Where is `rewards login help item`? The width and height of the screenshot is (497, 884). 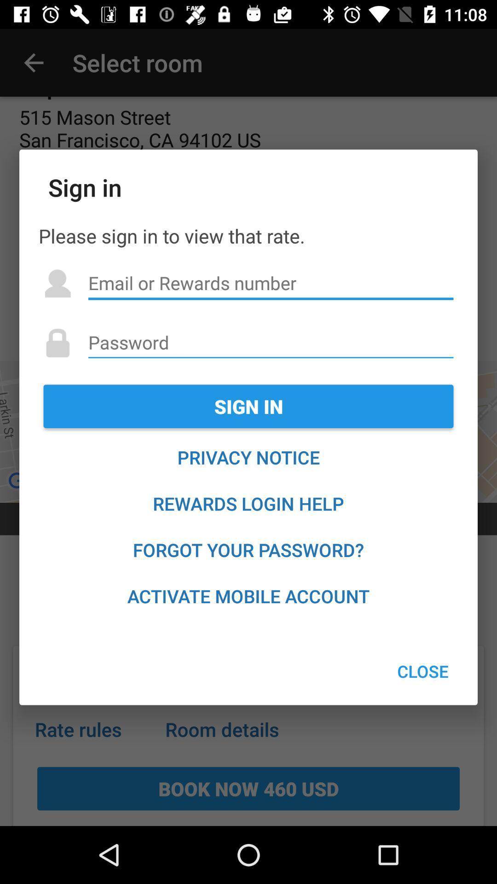
rewards login help item is located at coordinates (248, 503).